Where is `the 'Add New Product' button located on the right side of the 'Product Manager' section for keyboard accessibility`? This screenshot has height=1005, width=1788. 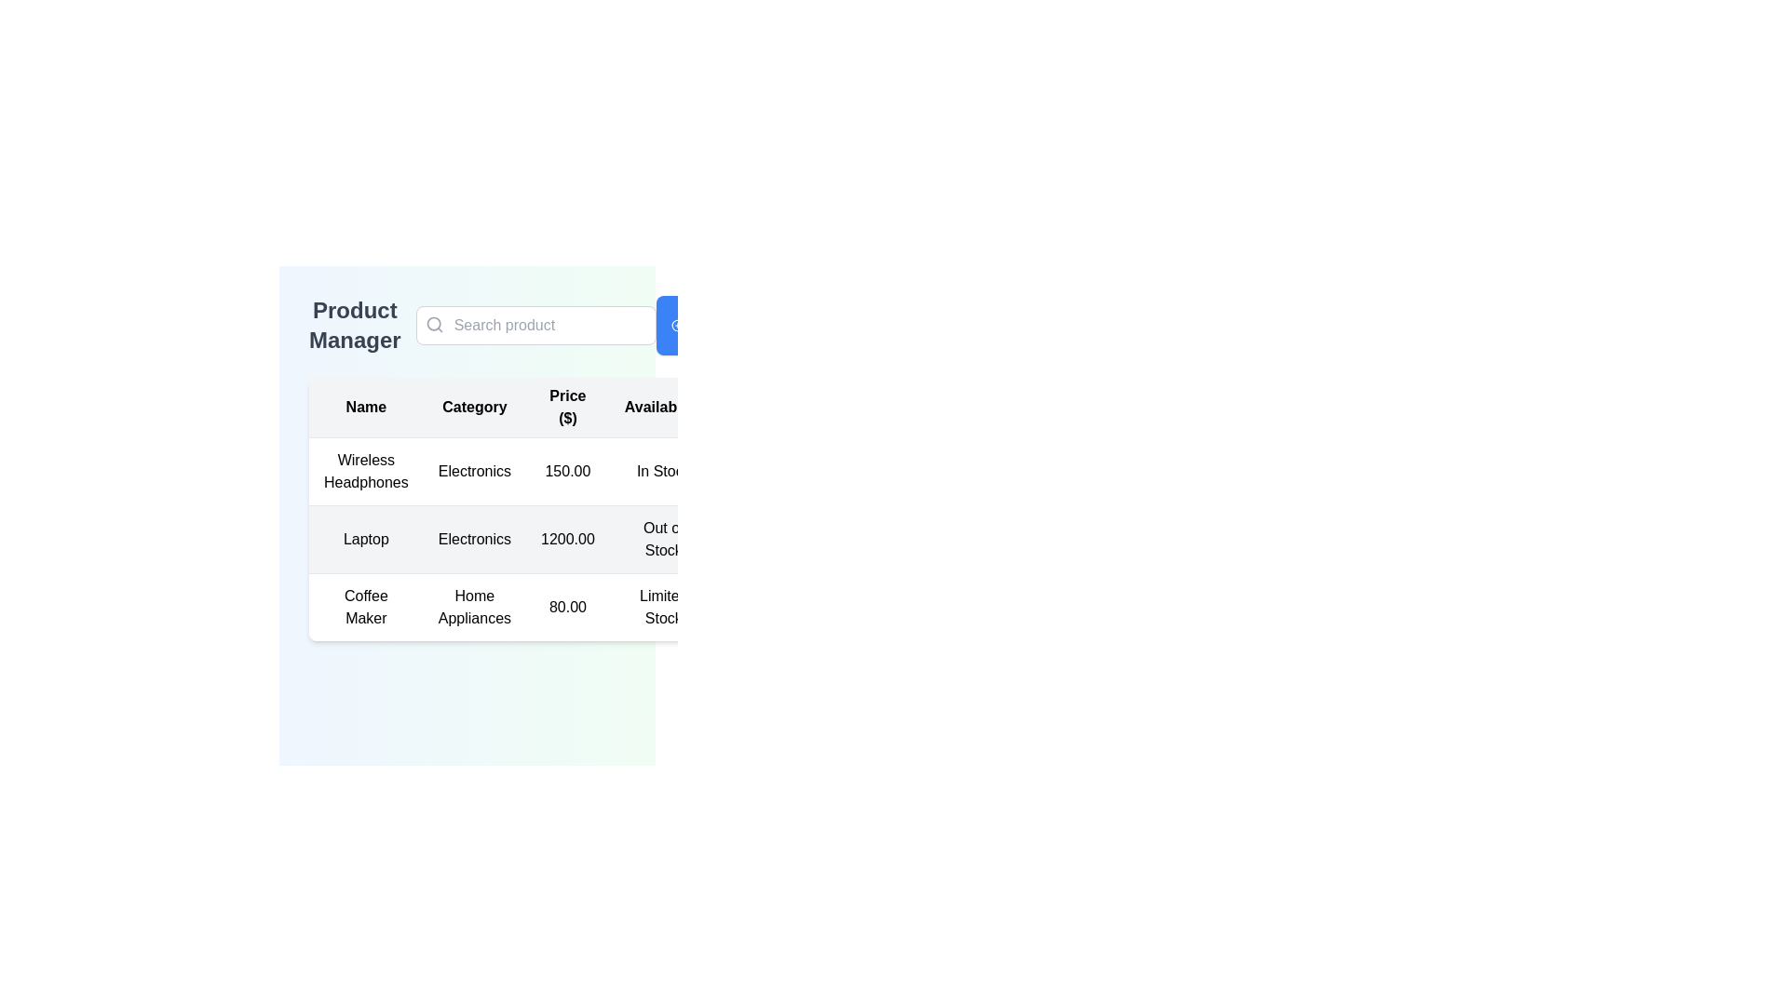
the 'Add New Product' button located on the right side of the 'Product Manager' section for keyboard accessibility is located at coordinates (709, 325).